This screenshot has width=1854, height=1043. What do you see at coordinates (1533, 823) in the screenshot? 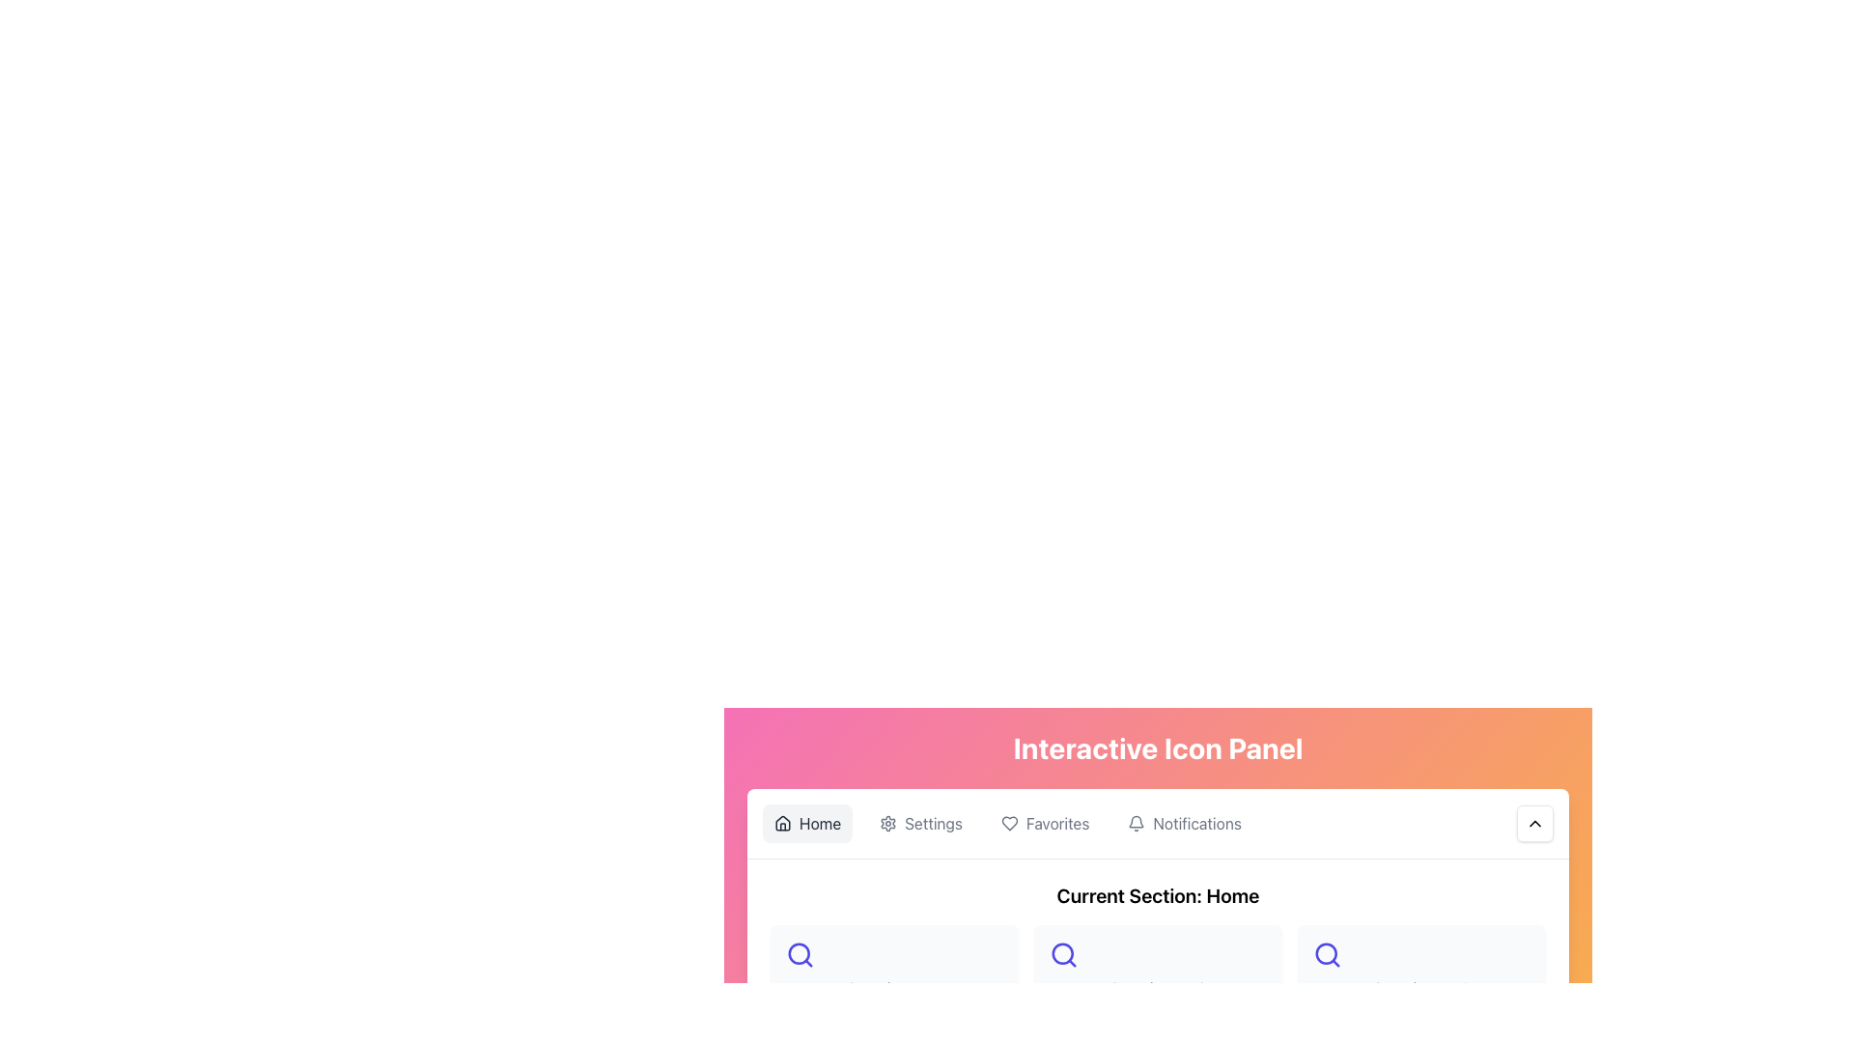
I see `the upward-pointing arrow icon located at the top right corner of the panel` at bounding box center [1533, 823].